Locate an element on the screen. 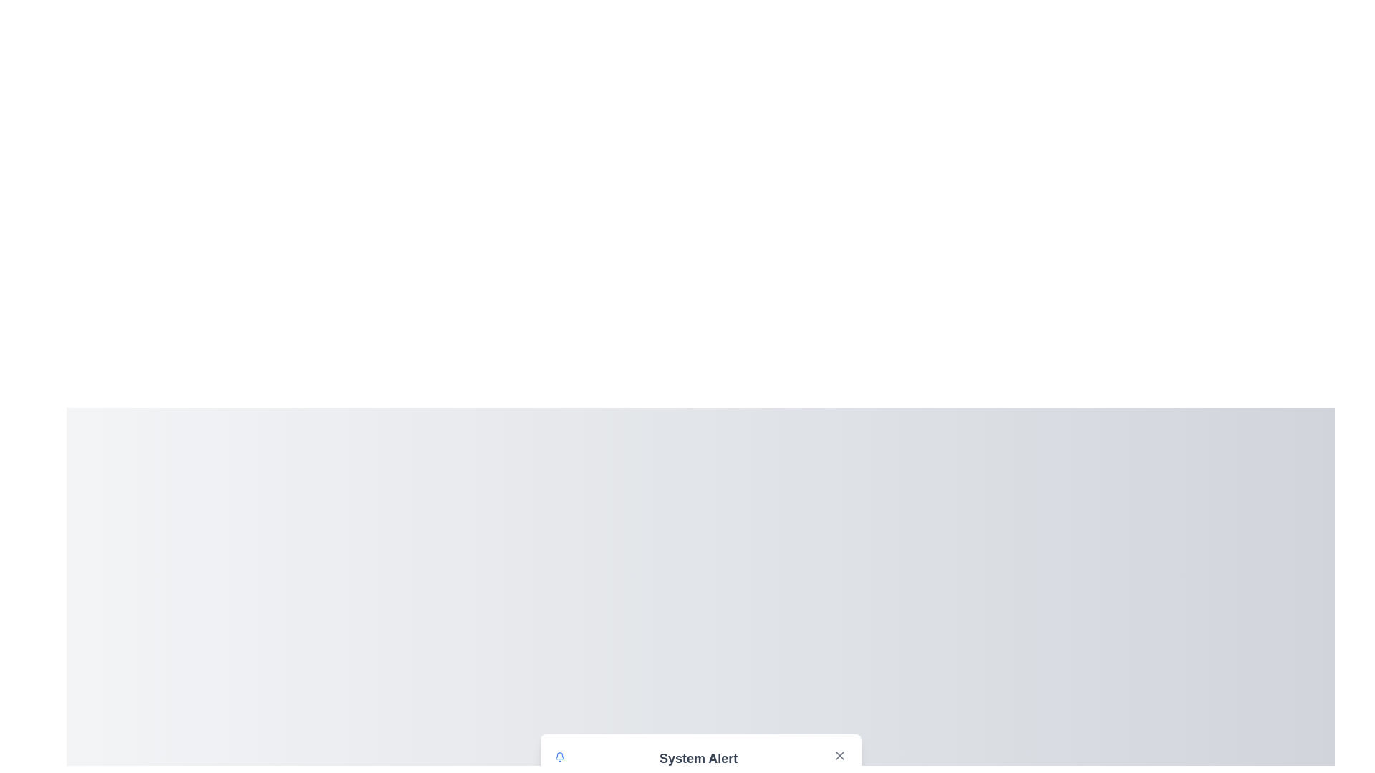 This screenshot has height=773, width=1375. the bell-shaped icon element with a blue tint located at the bottom-center of the interface, next to the text 'System Alert' is located at coordinates (559, 755).